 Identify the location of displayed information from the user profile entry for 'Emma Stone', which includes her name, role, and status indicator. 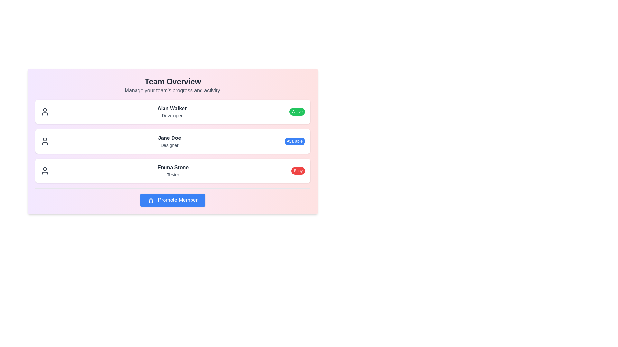
(173, 171).